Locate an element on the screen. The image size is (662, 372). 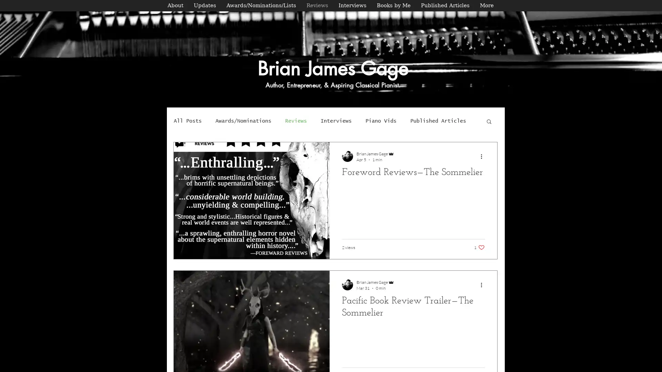
1 like. Post not marked as liked is located at coordinates (479, 247).